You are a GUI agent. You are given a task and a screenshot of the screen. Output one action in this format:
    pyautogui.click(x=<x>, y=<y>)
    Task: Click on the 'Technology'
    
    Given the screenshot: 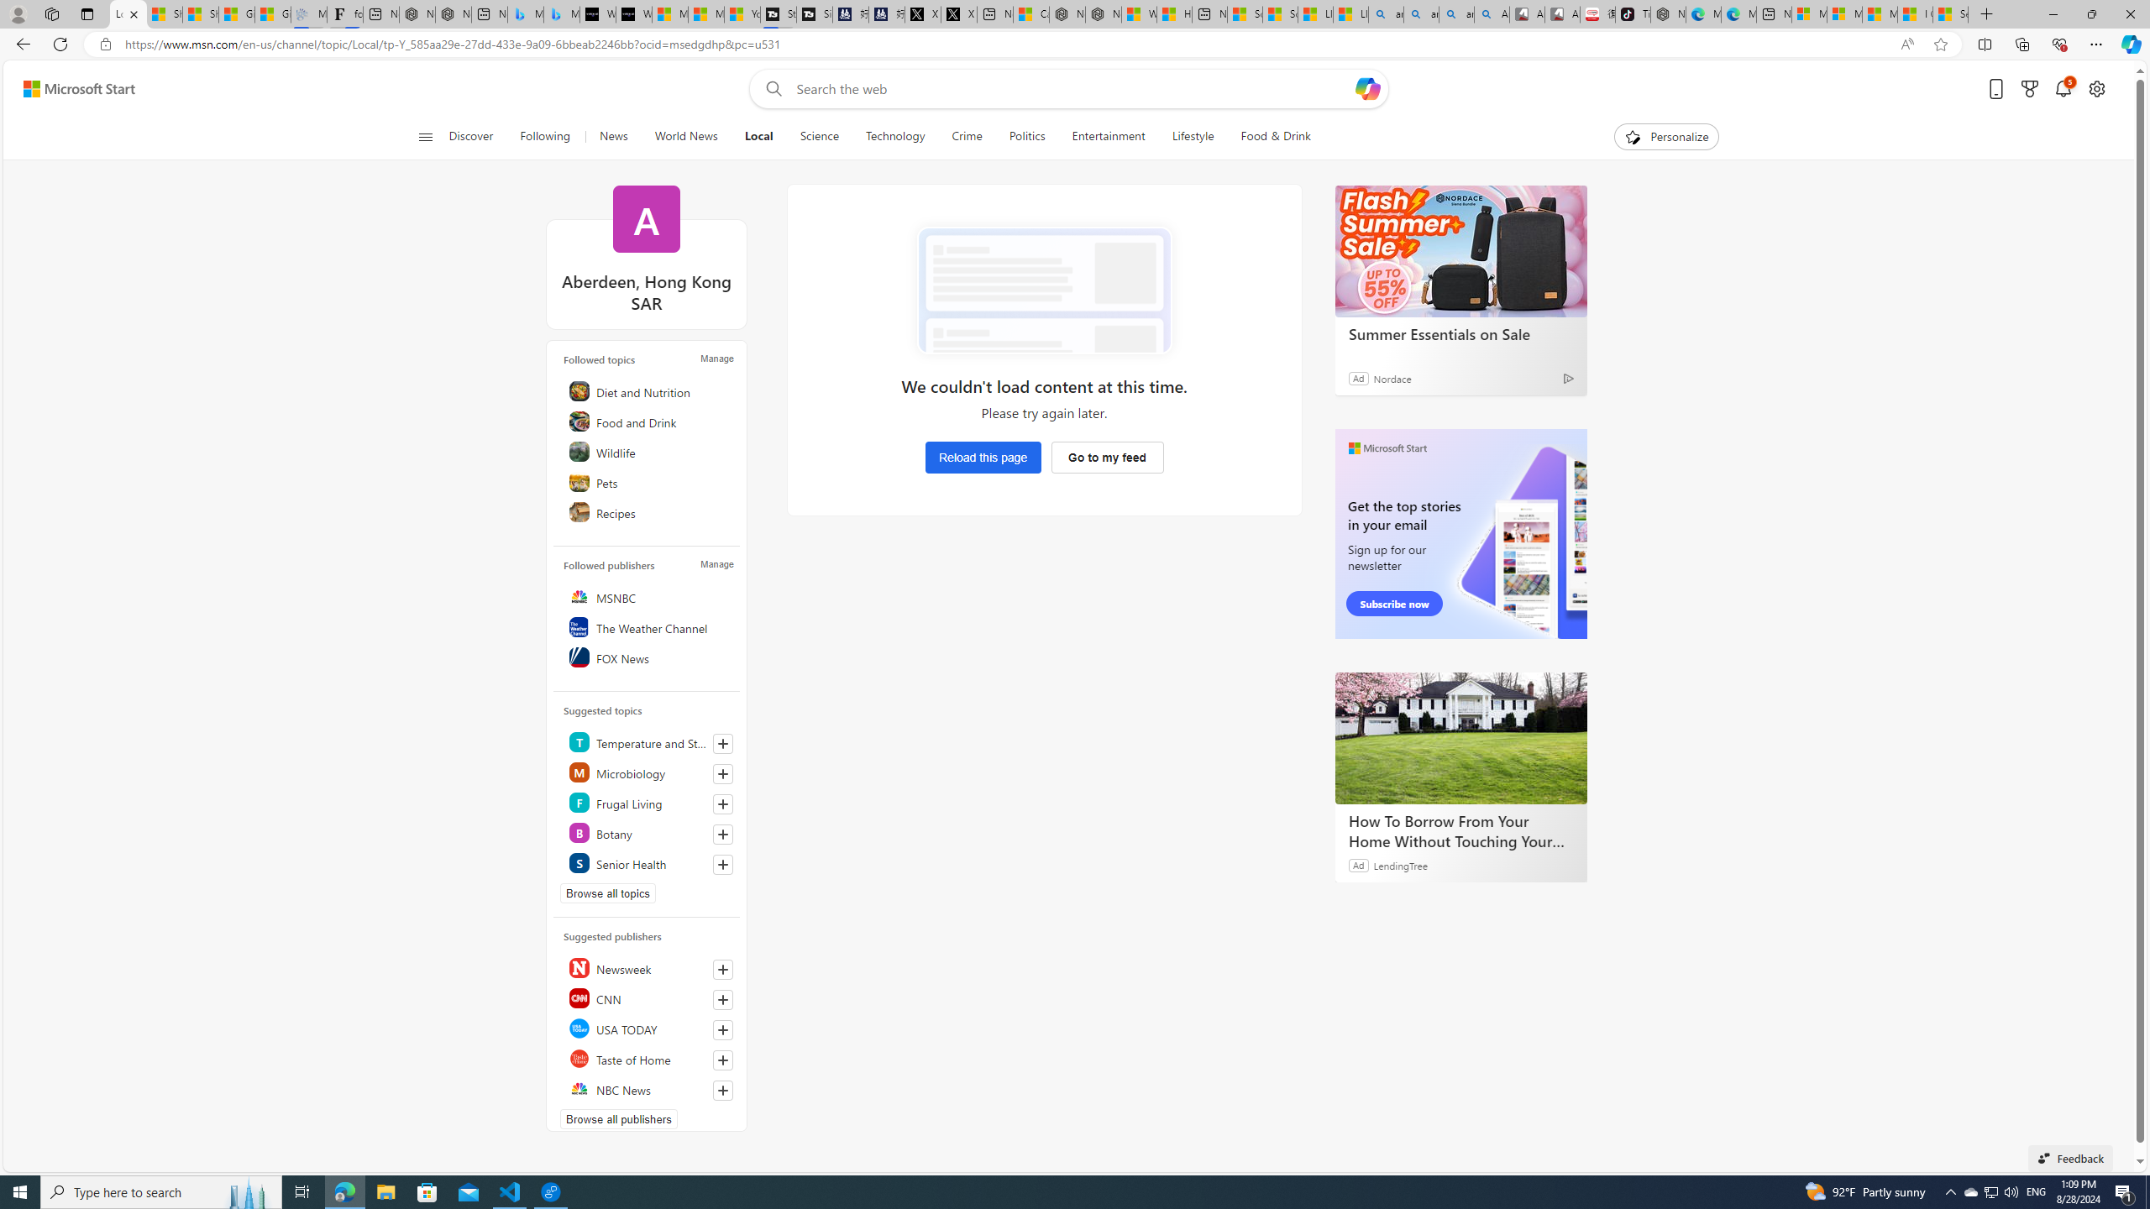 What is the action you would take?
    pyautogui.click(x=893, y=136)
    